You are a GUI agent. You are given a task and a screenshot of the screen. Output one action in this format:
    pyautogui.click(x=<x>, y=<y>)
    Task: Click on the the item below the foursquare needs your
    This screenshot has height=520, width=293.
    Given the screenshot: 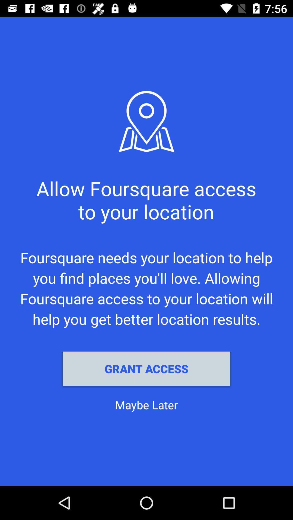 What is the action you would take?
    pyautogui.click(x=146, y=368)
    